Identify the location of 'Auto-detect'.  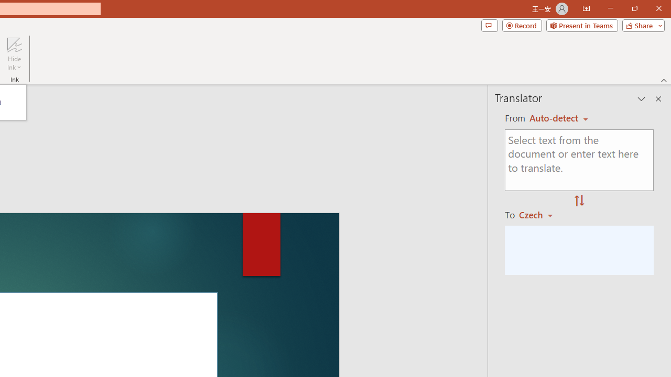
(558, 118).